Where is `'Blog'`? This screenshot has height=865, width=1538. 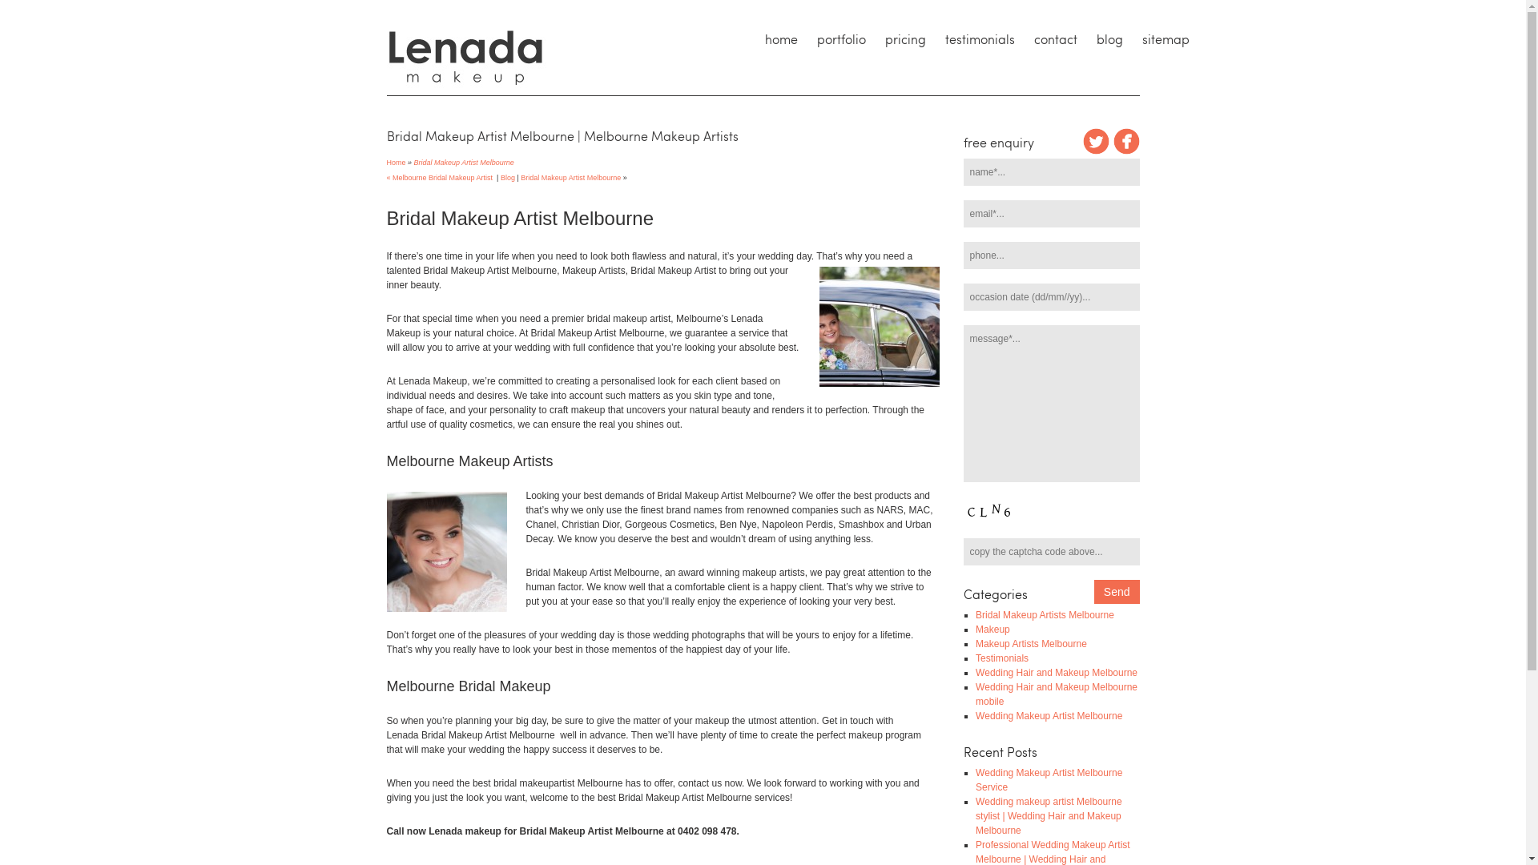 'Blog' is located at coordinates (506, 178).